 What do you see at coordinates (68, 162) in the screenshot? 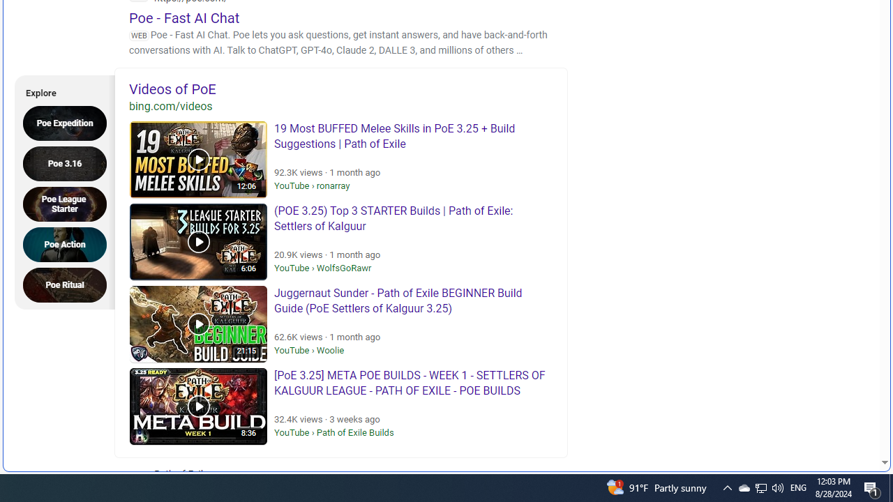
I see `'Poe 3.16'` at bounding box center [68, 162].